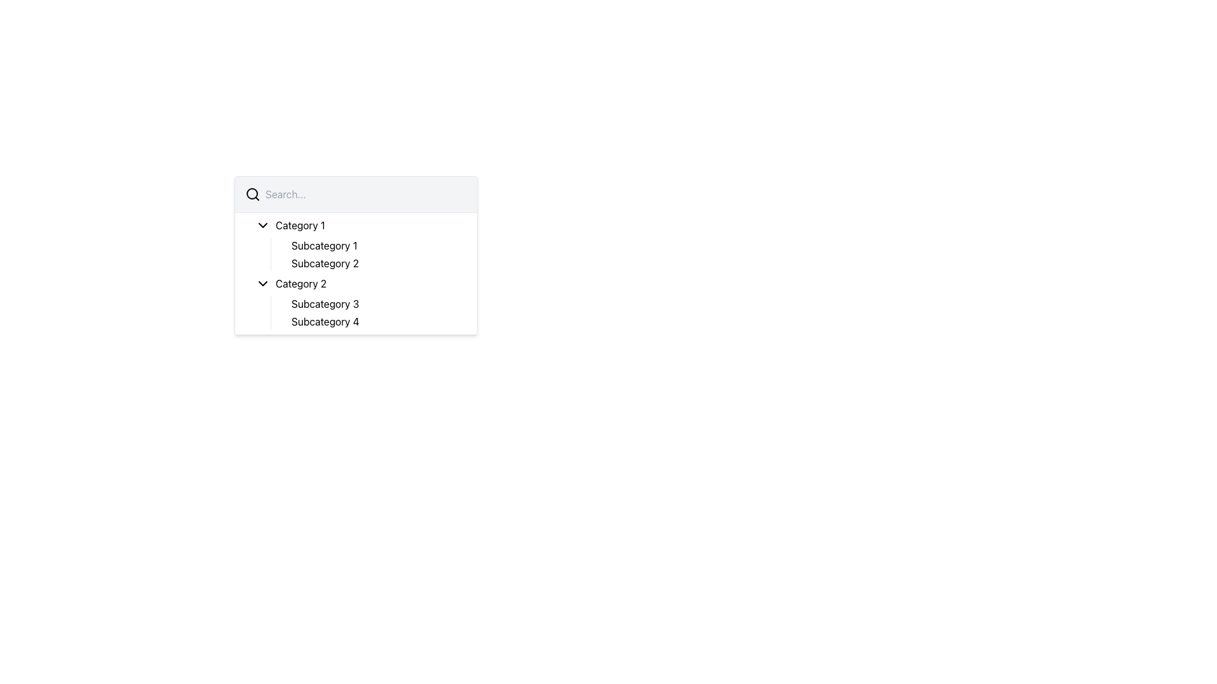 The image size is (1217, 684). I want to click on the Text label for 'Category 2', which is positioned below the chevron icon and above 'Subcategory 3' and 'Subcategory 4', so click(300, 282).